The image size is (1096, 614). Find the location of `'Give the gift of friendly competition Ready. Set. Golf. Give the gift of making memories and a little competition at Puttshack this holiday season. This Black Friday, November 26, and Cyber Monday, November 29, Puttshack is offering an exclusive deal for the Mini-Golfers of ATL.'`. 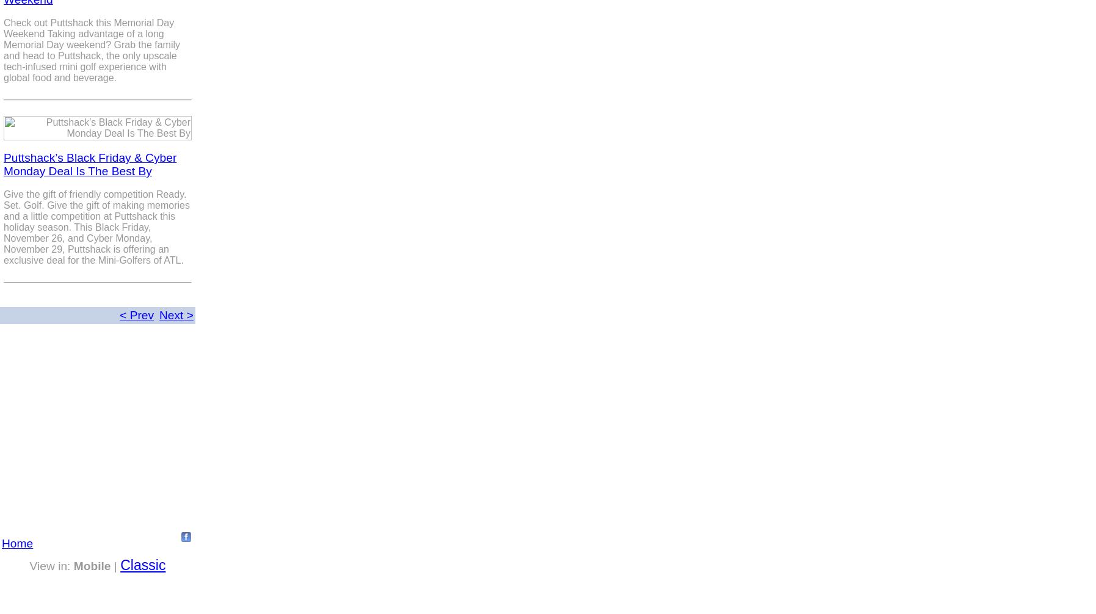

'Give the gift of friendly competition Ready. Set. Golf. Give the gift of making memories and a little competition at Puttshack this holiday season. This Black Friday, November 26, and Cyber Monday, November 29, Puttshack is offering an exclusive deal for the Mini-Golfers of ATL.' is located at coordinates (96, 226).